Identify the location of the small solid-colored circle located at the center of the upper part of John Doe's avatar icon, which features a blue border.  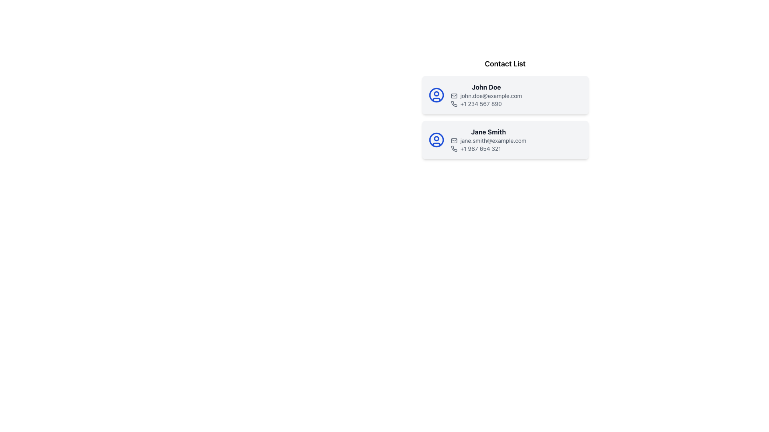
(436, 93).